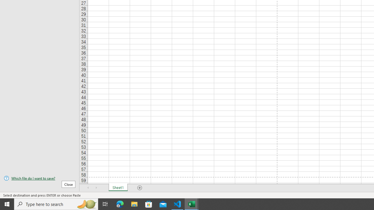 This screenshot has width=374, height=210. What do you see at coordinates (7, 204) in the screenshot?
I see `'Start'` at bounding box center [7, 204].